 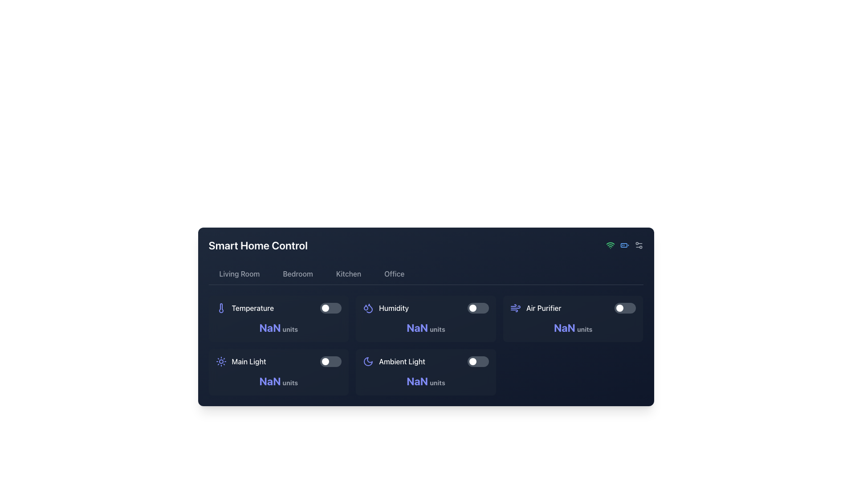 What do you see at coordinates (221, 307) in the screenshot?
I see `the red temperature icon located in the 'Temperature' section of the 'Smart Home Control' interface, which is positioned left of the 'Temperature' label and below the 'Living Room' tab` at bounding box center [221, 307].